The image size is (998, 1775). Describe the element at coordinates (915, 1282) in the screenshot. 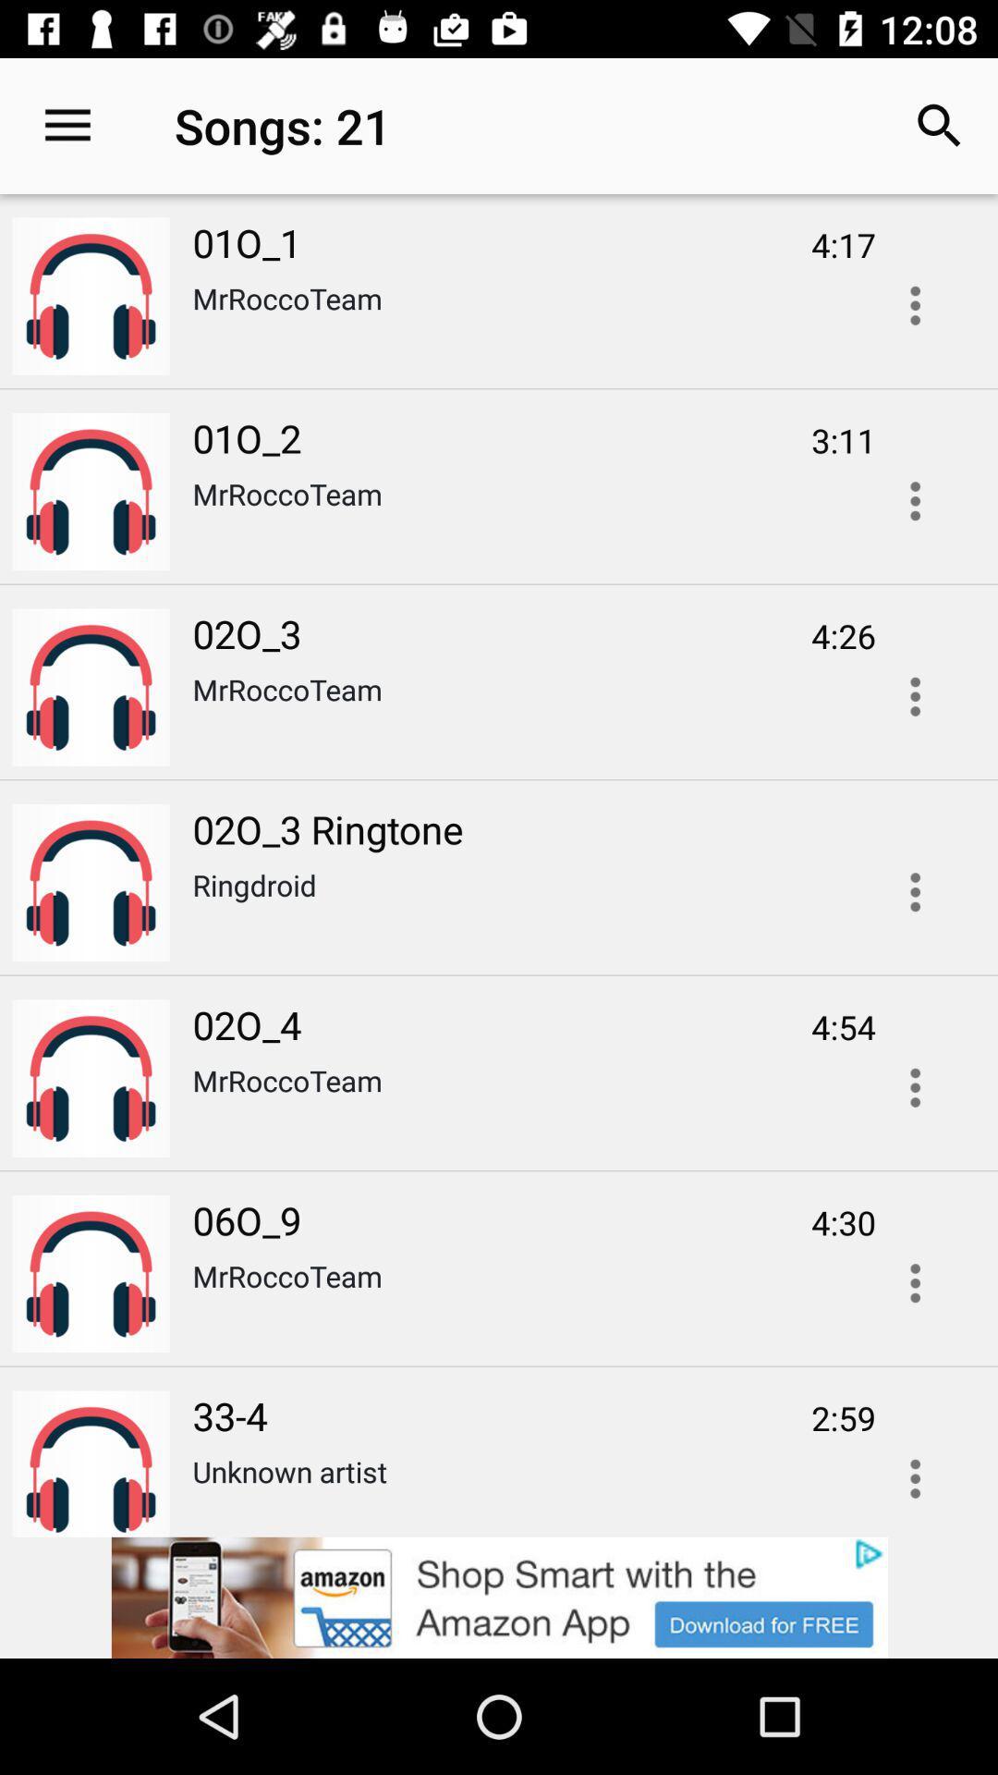

I see `bring up more options` at that location.